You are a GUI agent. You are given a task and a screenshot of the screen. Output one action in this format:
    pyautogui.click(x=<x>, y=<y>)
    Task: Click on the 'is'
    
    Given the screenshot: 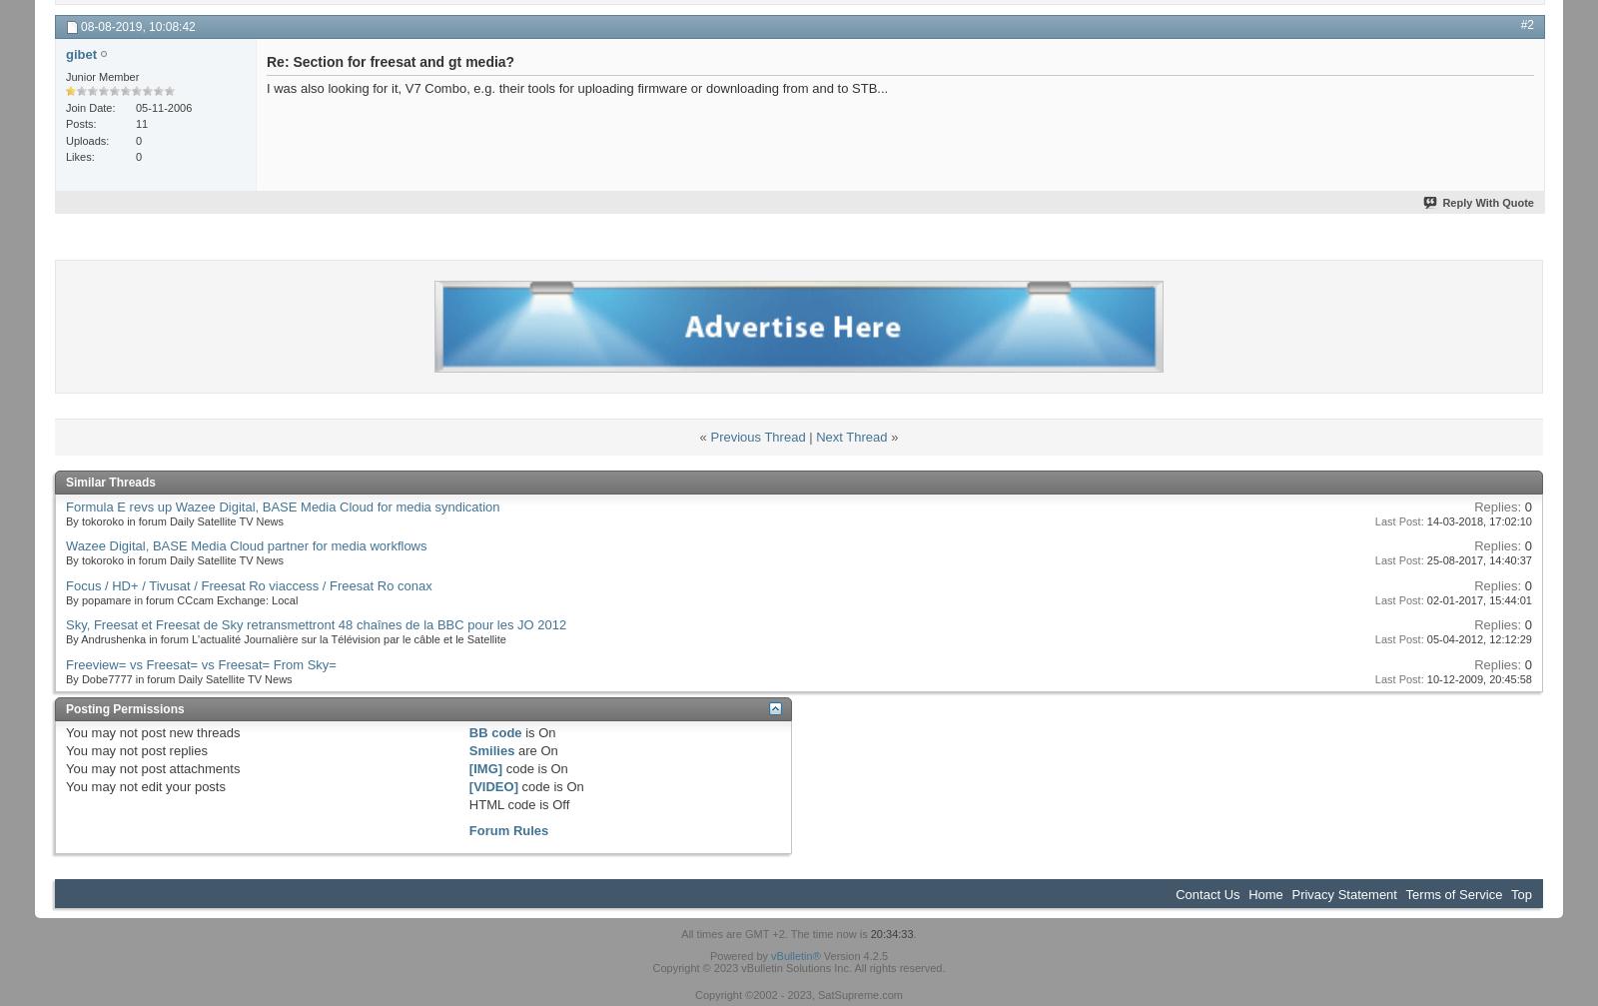 What is the action you would take?
    pyautogui.click(x=519, y=731)
    